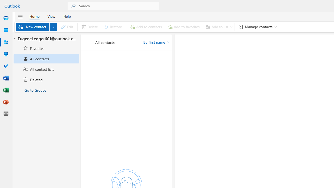  Describe the element at coordinates (218, 27) in the screenshot. I see `'Add to list'` at that location.